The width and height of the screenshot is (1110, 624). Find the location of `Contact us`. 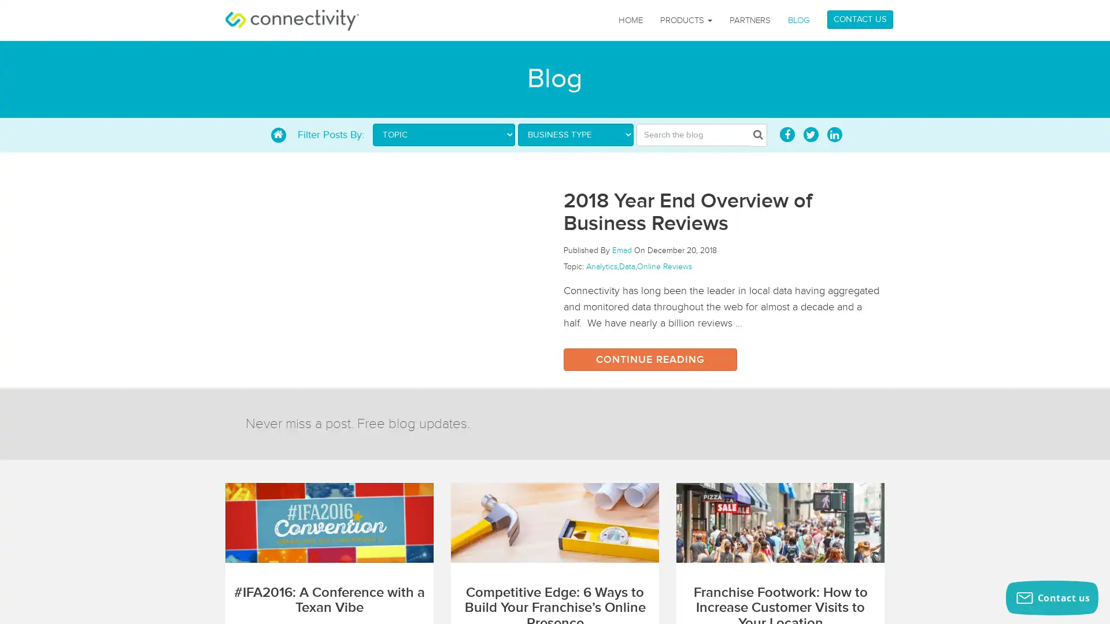

Contact us is located at coordinates (1052, 597).